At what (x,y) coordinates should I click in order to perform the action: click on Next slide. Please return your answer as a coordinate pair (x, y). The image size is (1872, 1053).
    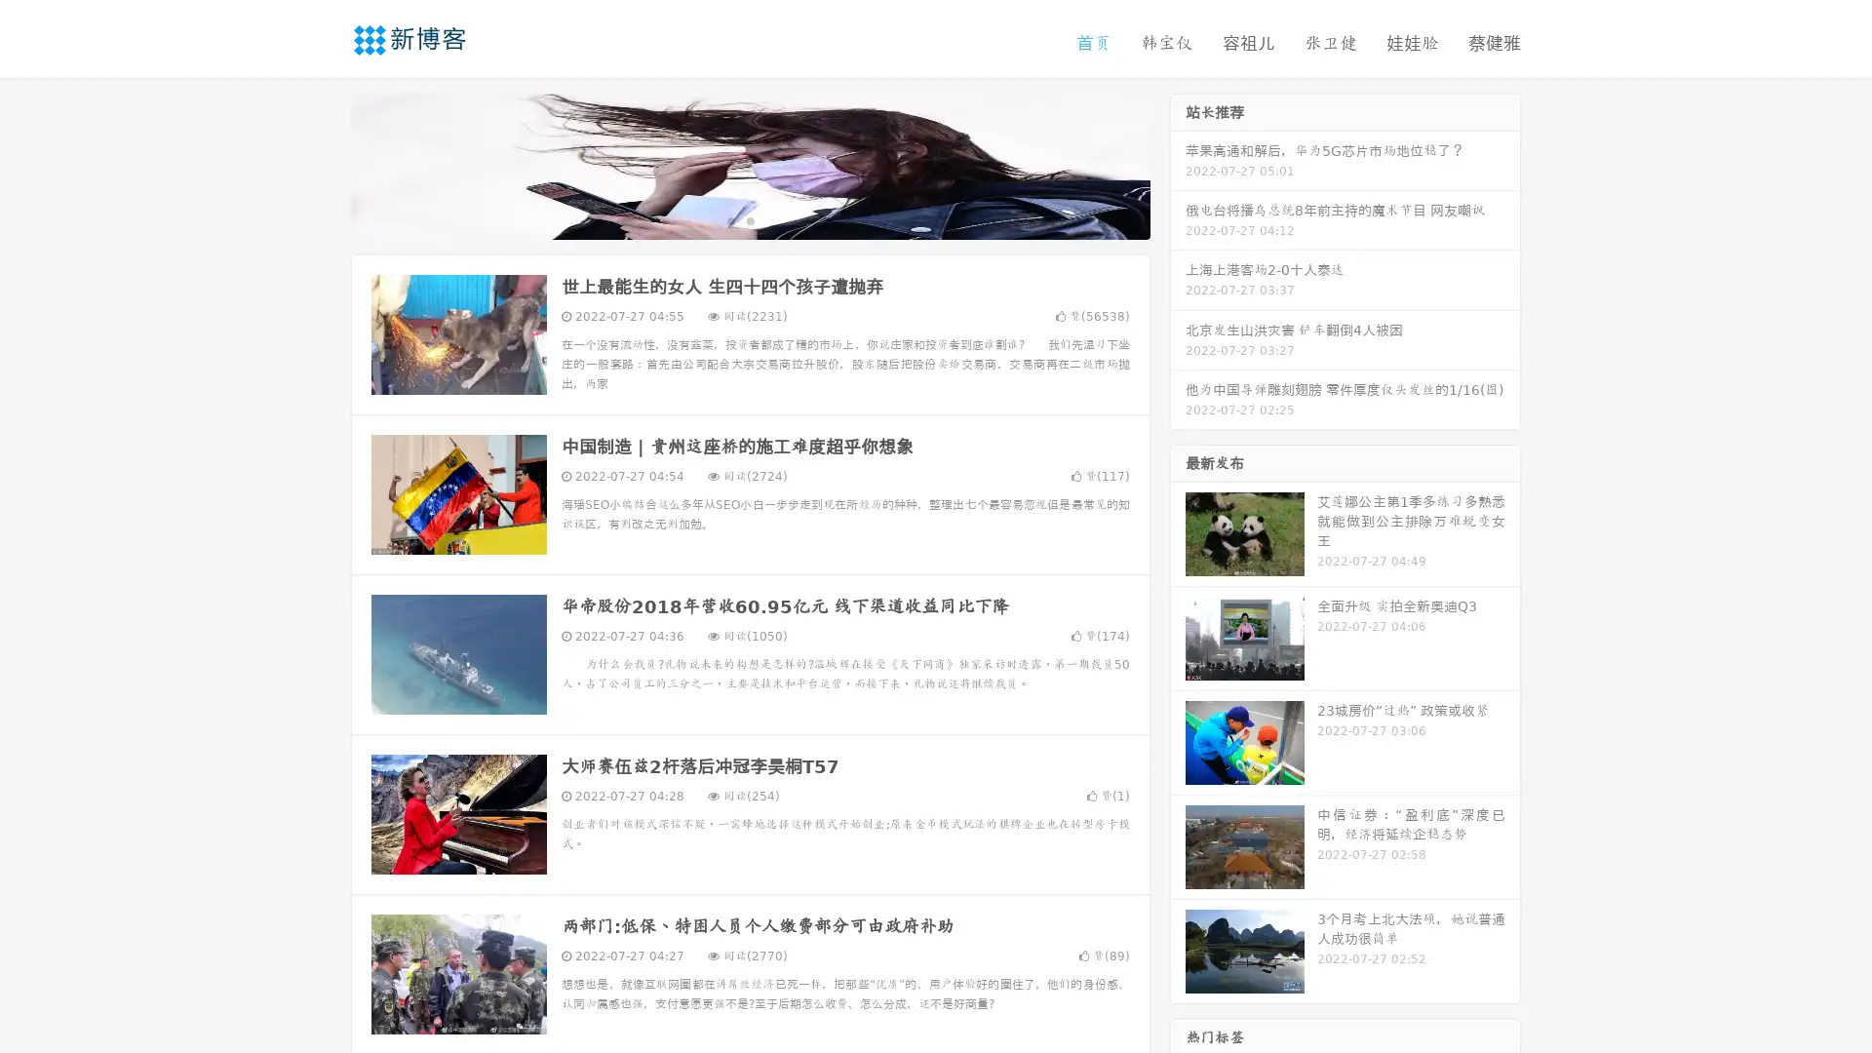
    Looking at the image, I should click on (1178, 164).